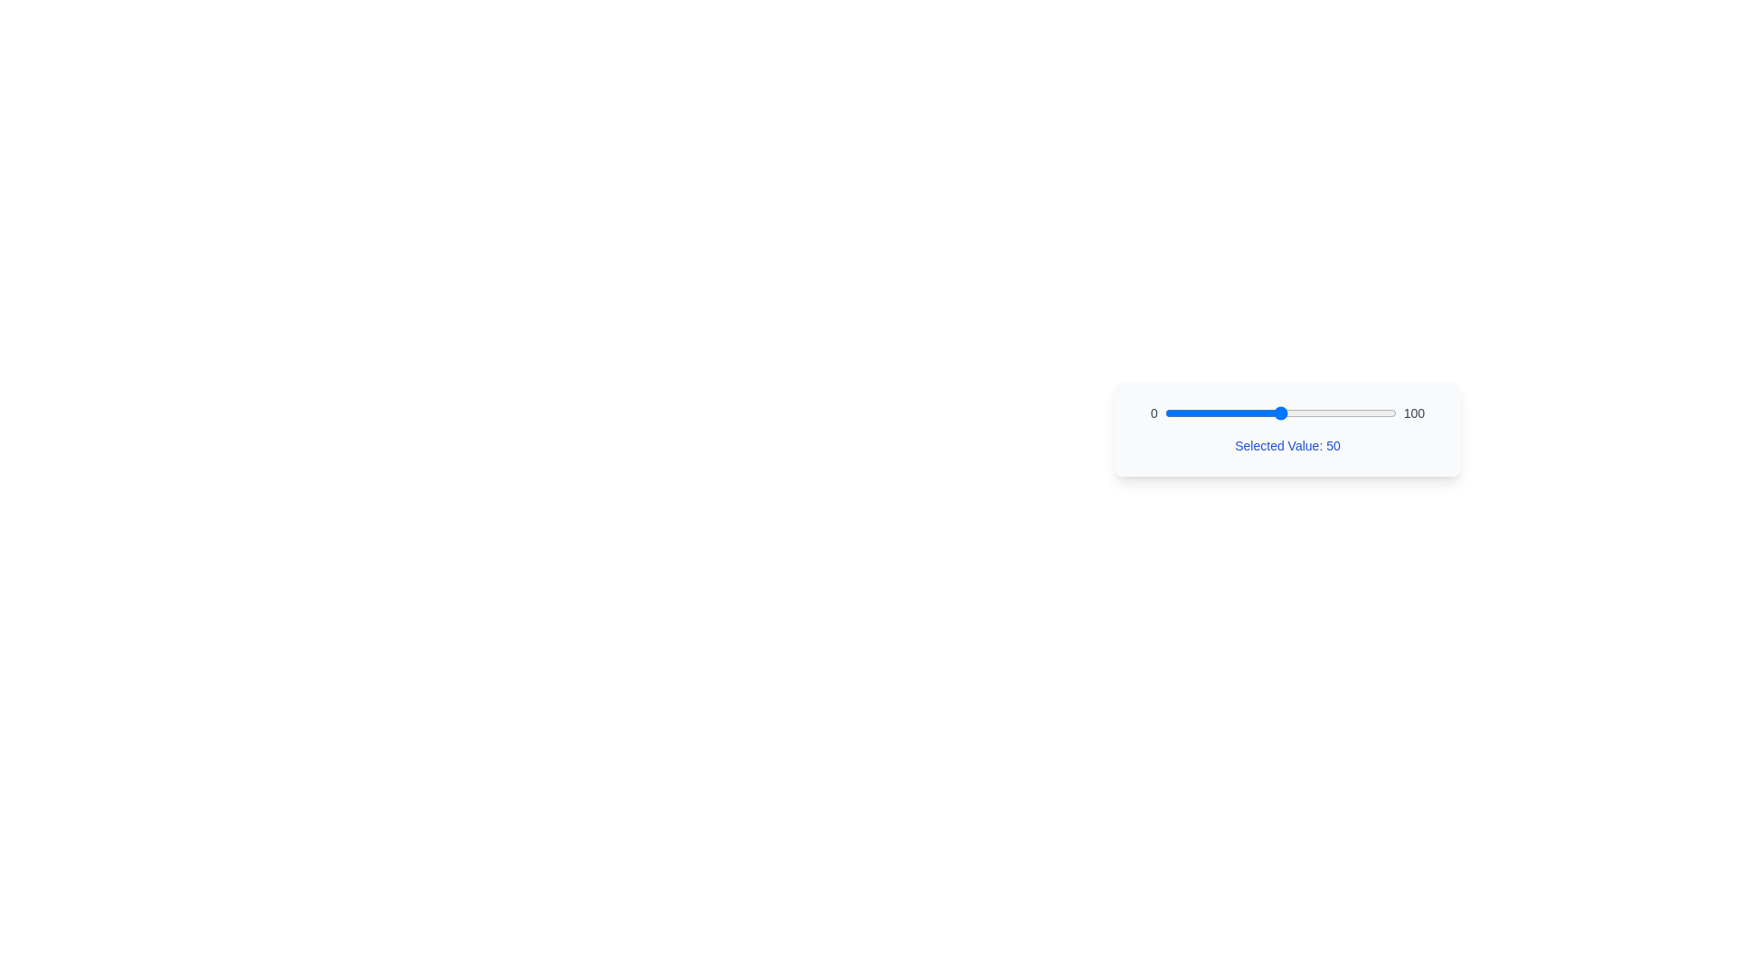 Image resolution: width=1737 pixels, height=977 pixels. Describe the element at coordinates (1357, 413) in the screenshot. I see `the slider to set its value to 83` at that location.